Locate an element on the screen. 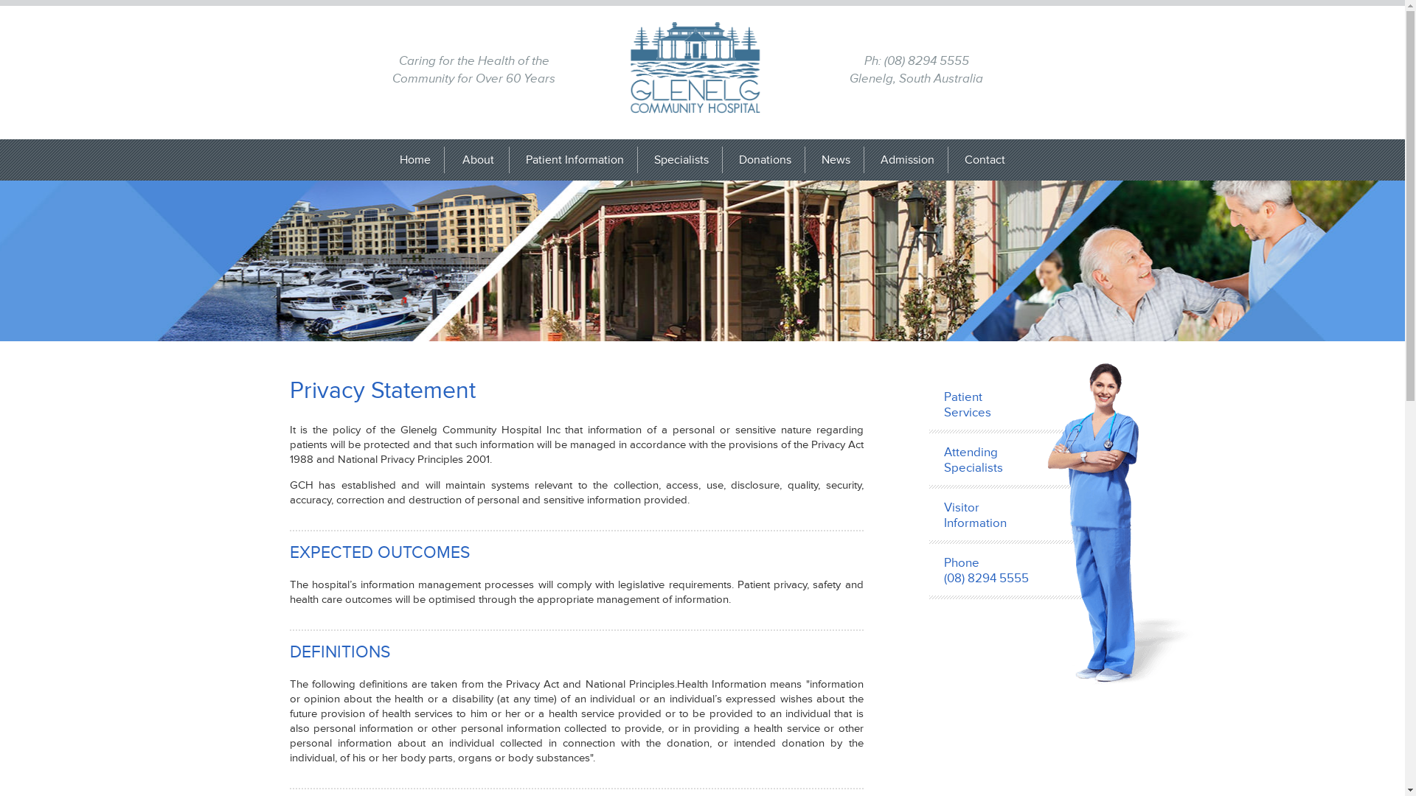 This screenshot has height=796, width=1416. 'Home' is located at coordinates (386, 159).